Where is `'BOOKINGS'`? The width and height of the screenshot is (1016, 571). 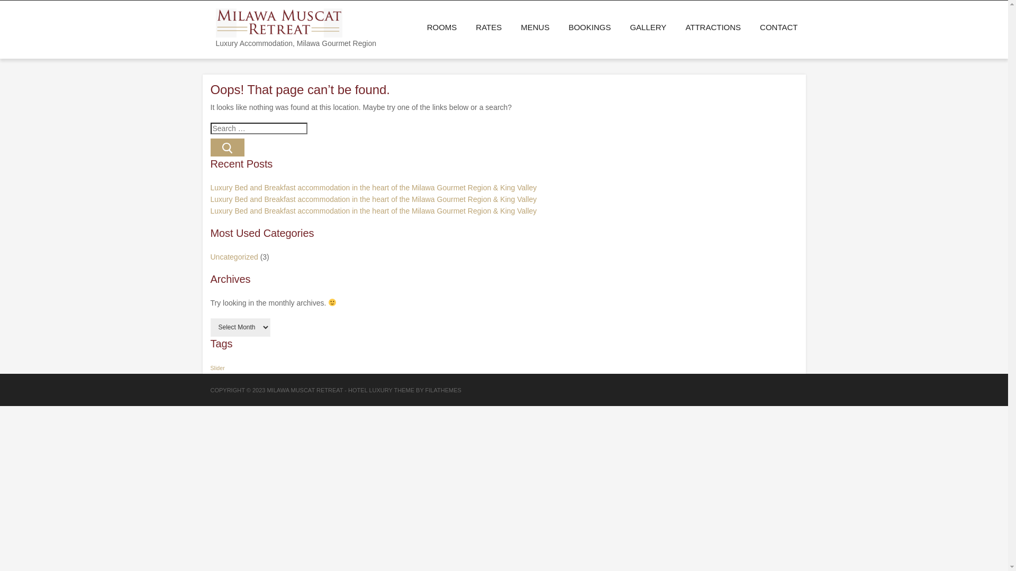
'BOOKINGS' is located at coordinates (588, 26).